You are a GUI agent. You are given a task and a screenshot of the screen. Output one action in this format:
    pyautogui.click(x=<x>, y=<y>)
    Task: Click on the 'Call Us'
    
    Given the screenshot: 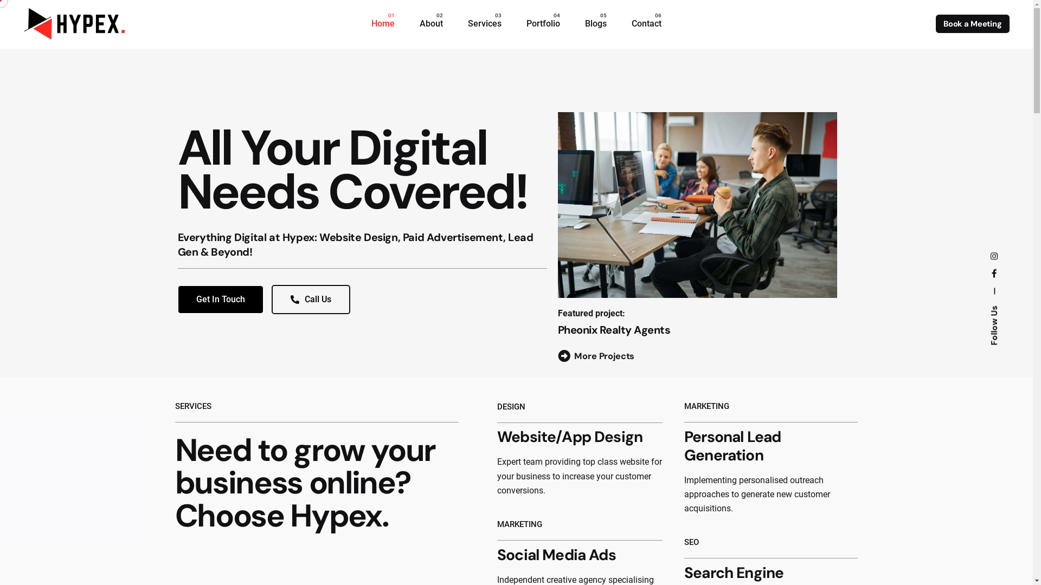 What is the action you would take?
    pyautogui.click(x=310, y=299)
    